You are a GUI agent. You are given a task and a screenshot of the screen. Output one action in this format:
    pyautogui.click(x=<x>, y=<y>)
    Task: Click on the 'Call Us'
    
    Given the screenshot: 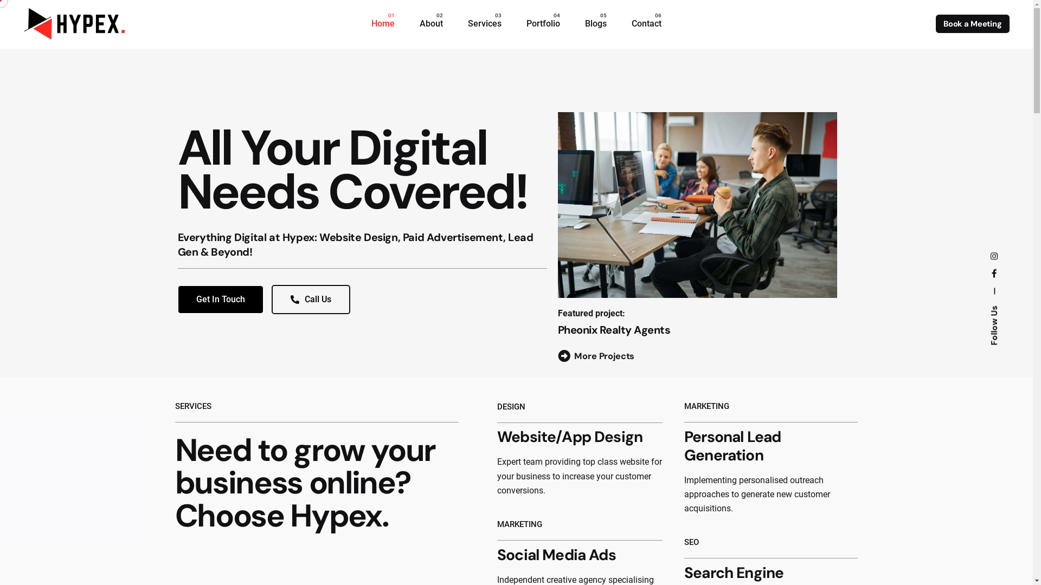 What is the action you would take?
    pyautogui.click(x=310, y=299)
    